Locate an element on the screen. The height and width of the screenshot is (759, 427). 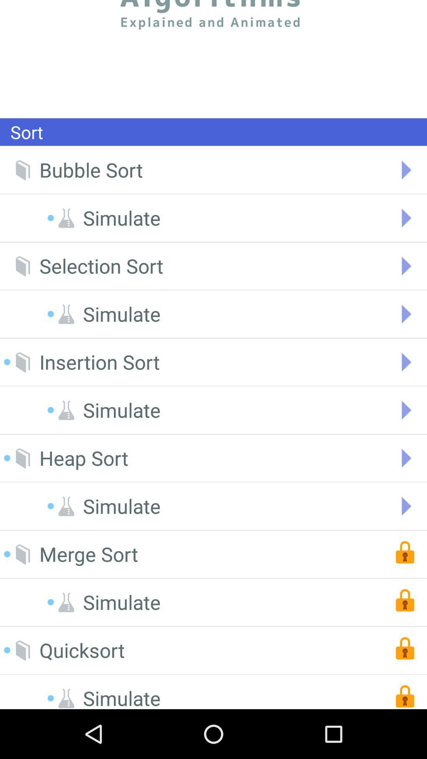
quicksort is located at coordinates (82, 650).